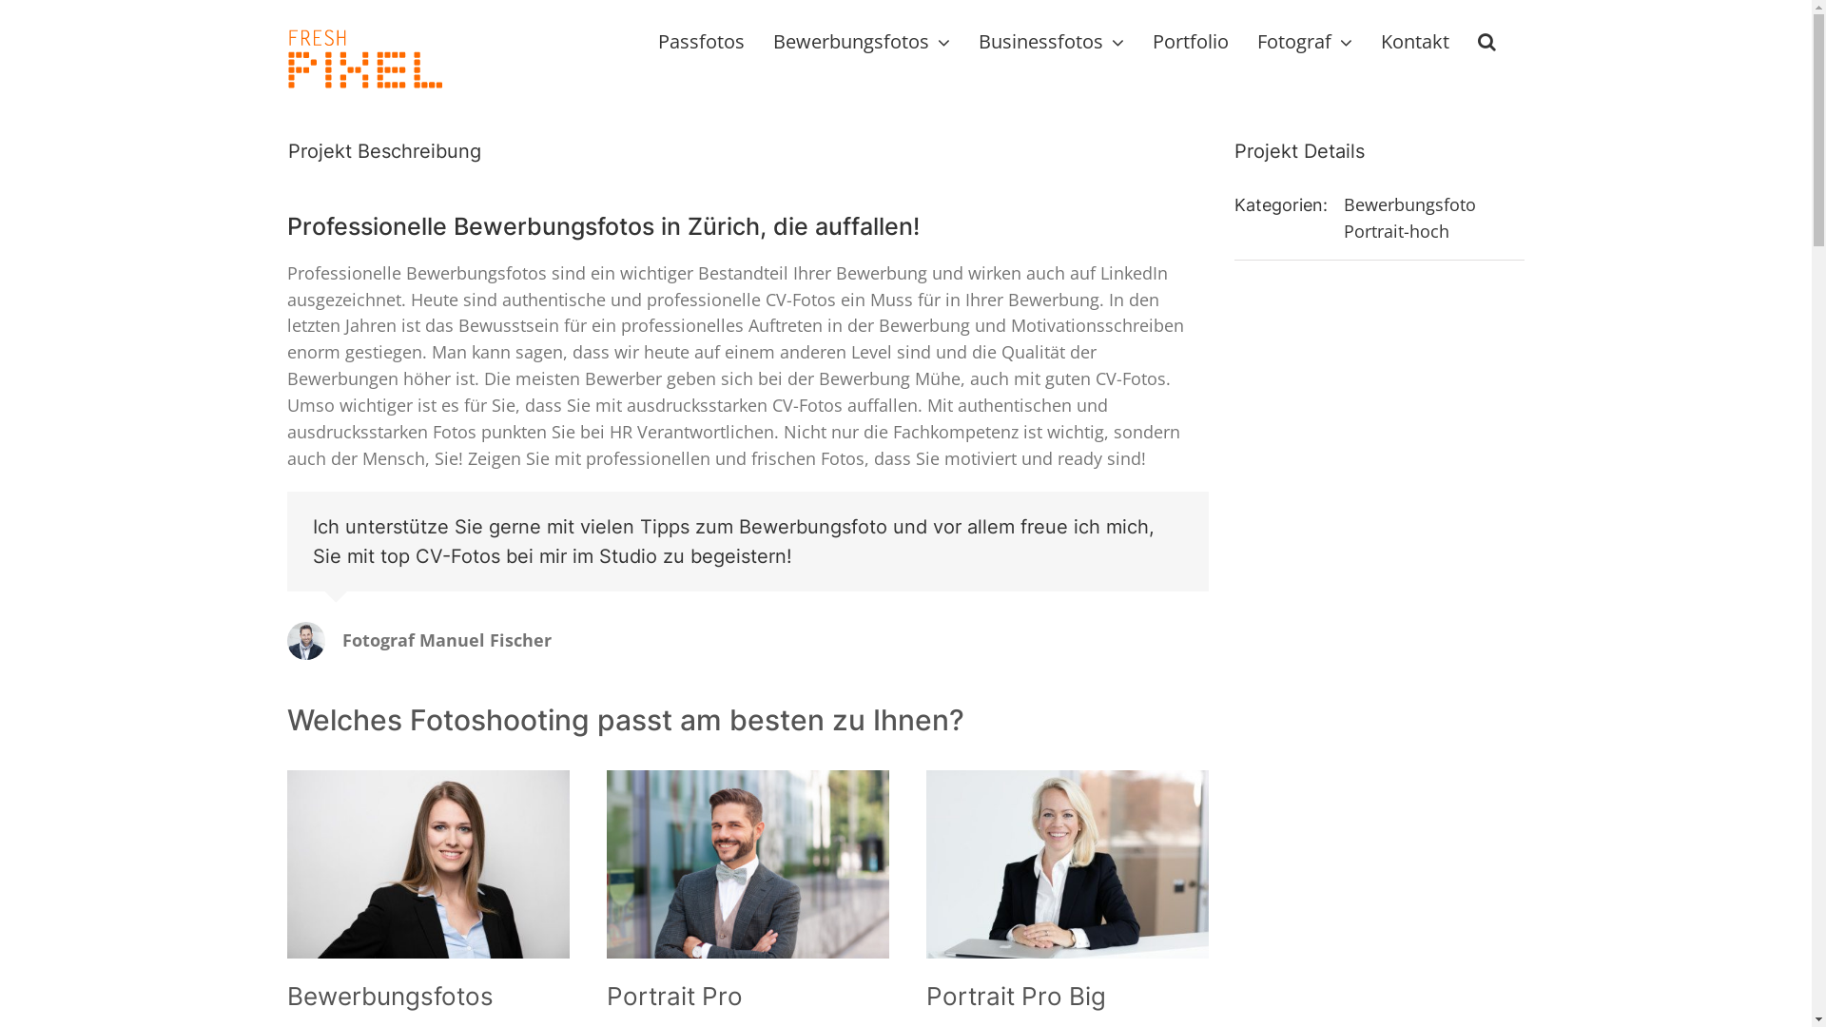 The height and width of the screenshot is (1027, 1826). Describe the element at coordinates (860, 40) in the screenshot. I see `'Bewerbungsfotos'` at that location.